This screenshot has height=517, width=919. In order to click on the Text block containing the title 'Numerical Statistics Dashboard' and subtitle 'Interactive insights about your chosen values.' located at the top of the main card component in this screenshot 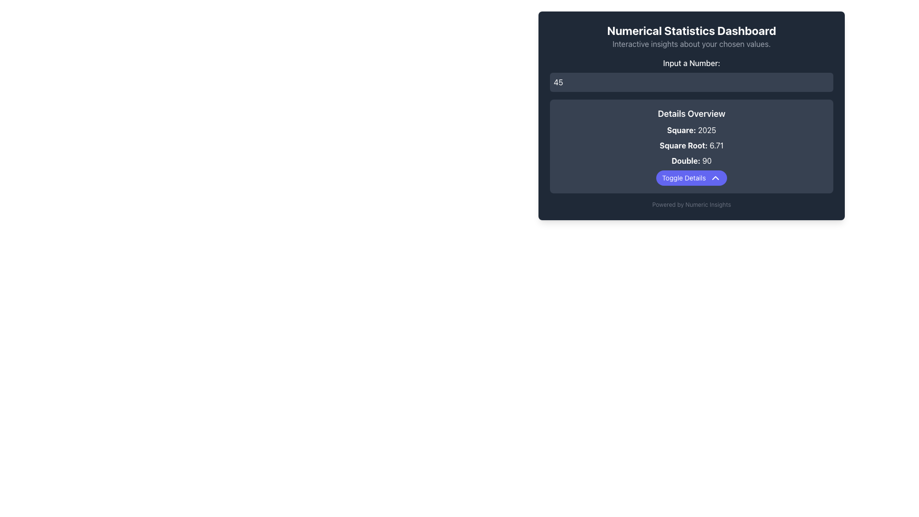, I will do `click(691, 36)`.